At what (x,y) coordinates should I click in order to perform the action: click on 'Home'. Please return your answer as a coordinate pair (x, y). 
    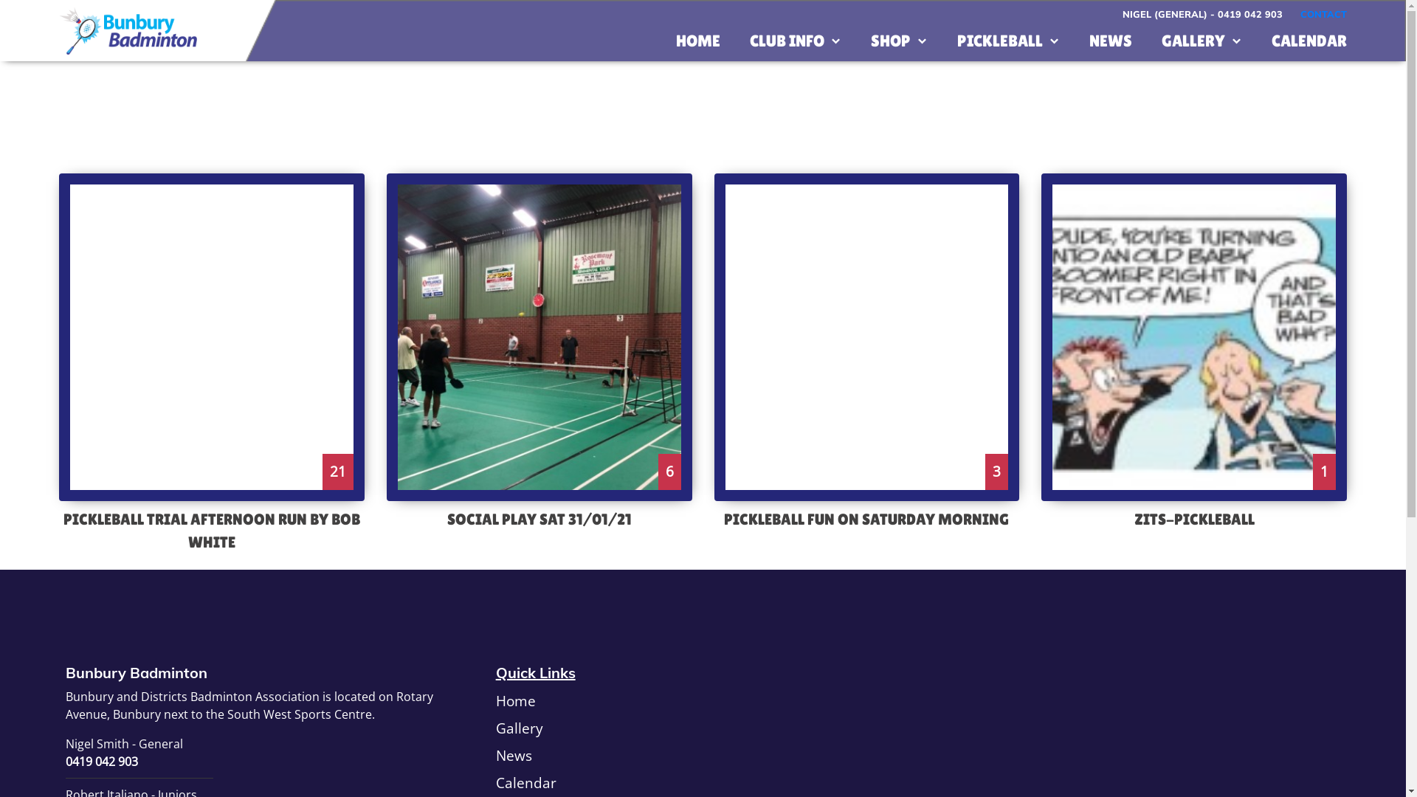
    Looking at the image, I should click on (516, 700).